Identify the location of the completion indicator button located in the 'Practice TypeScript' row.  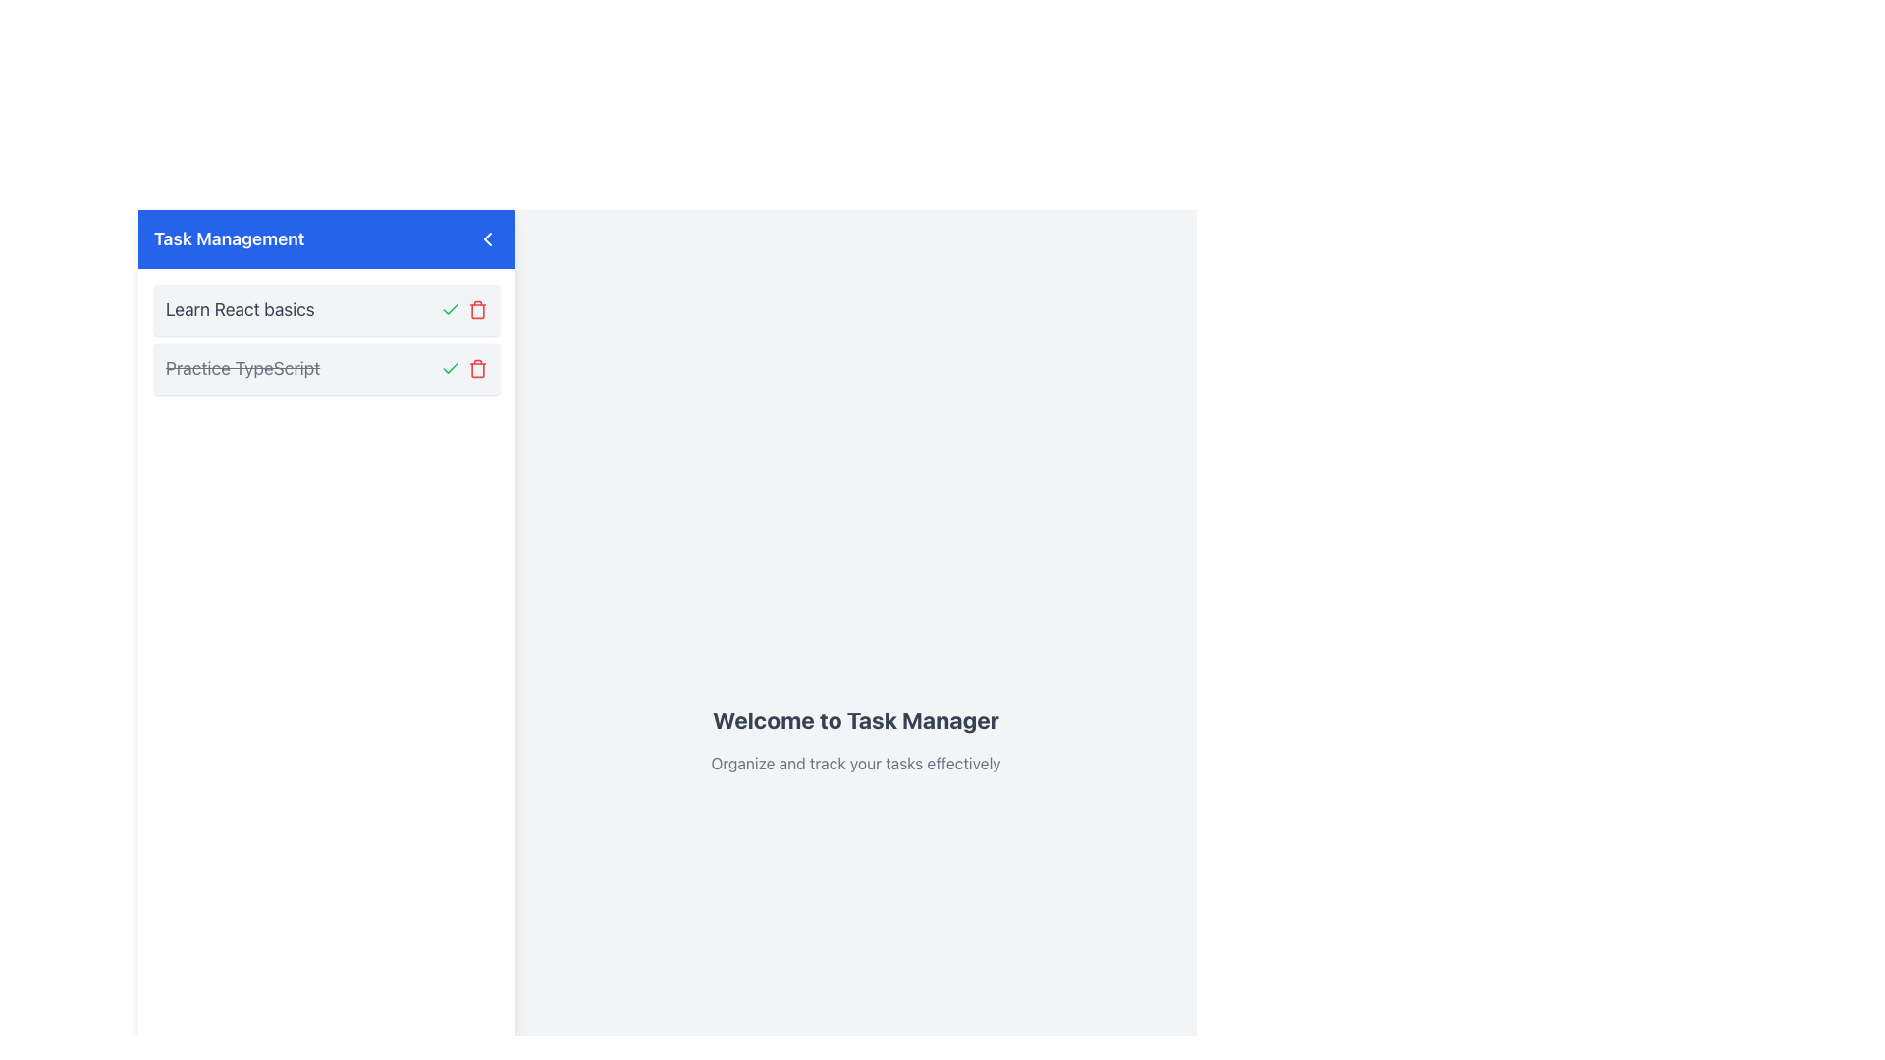
(450, 309).